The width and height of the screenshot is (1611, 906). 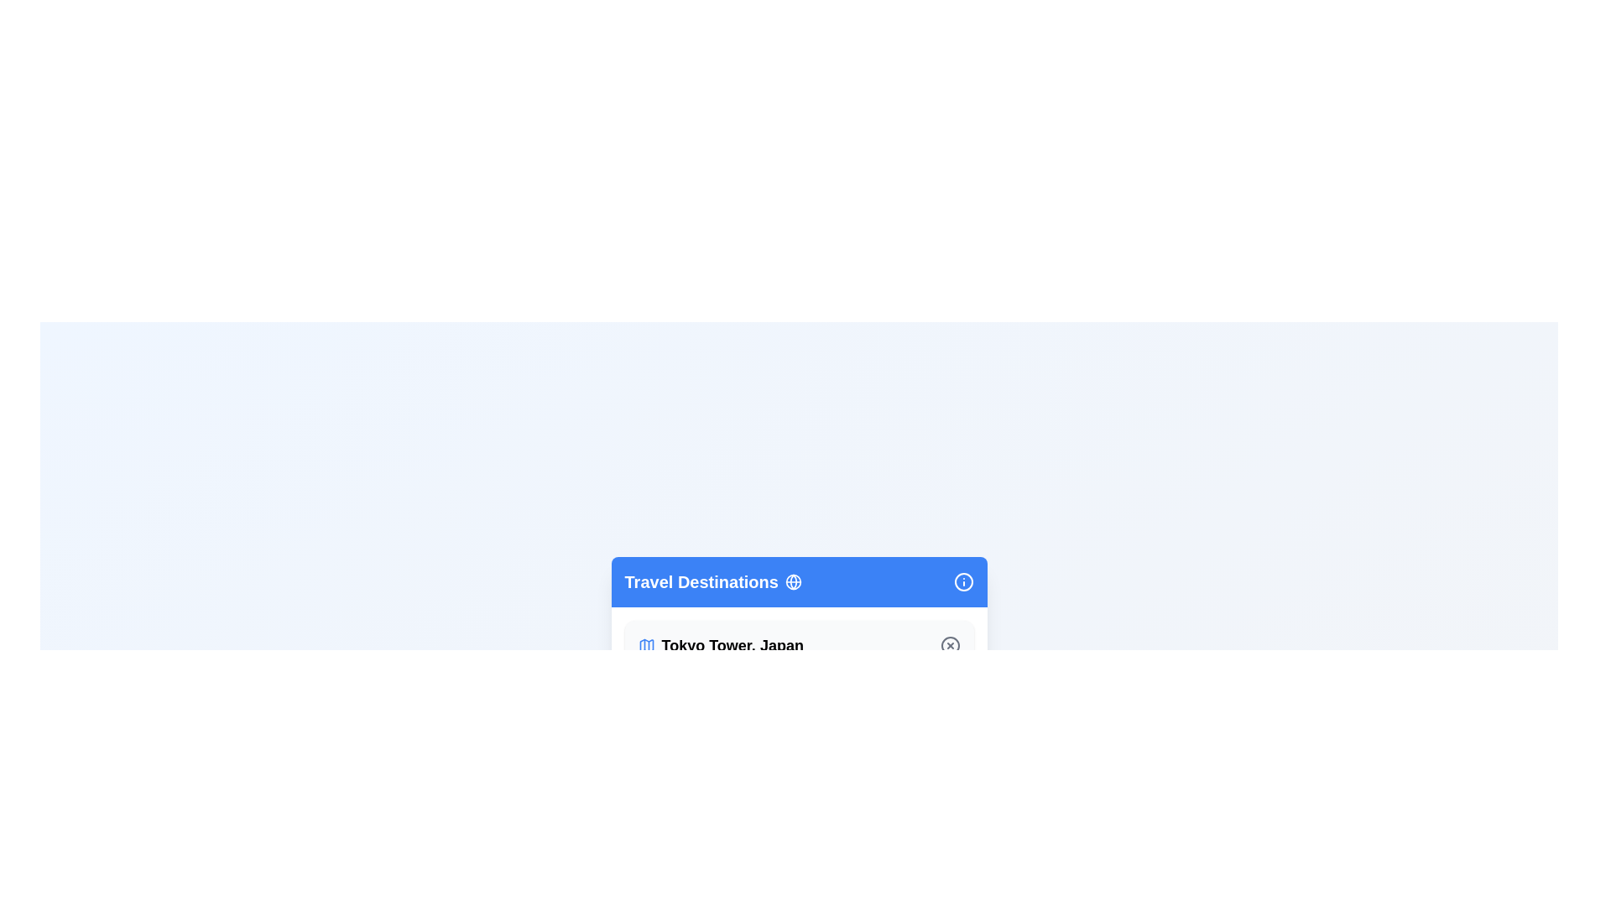 I want to click on the circular shape element with a blue fill located in the top-right corner of the 'Travel Destinations' panel, so click(x=963, y=581).